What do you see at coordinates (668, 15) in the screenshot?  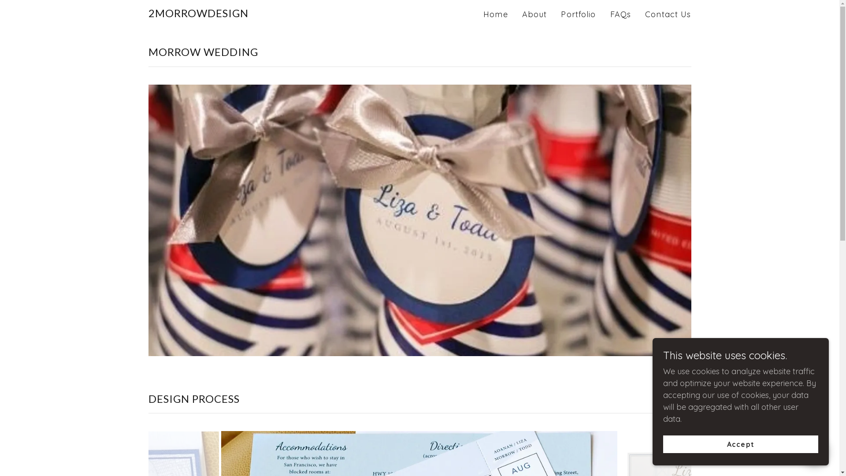 I see `'Contact Us'` at bounding box center [668, 15].